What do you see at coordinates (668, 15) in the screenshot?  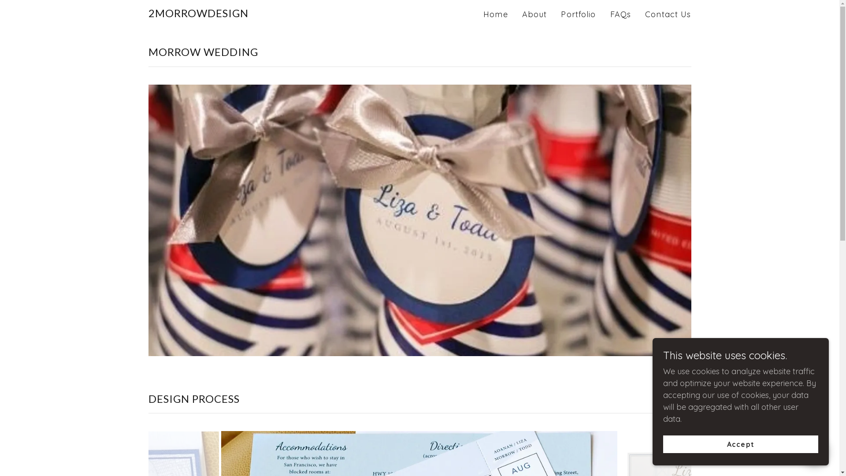 I see `'Contact Us'` at bounding box center [668, 15].